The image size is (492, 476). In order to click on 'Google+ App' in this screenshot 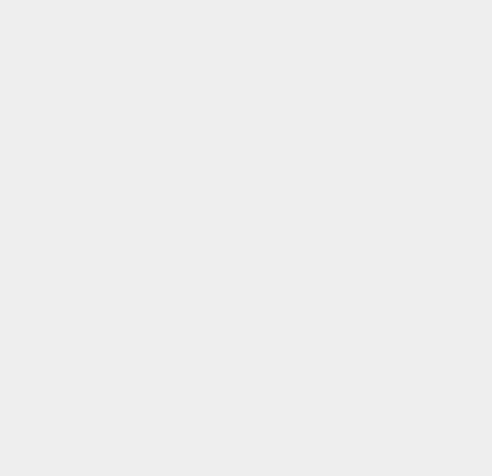, I will do `click(365, 153)`.